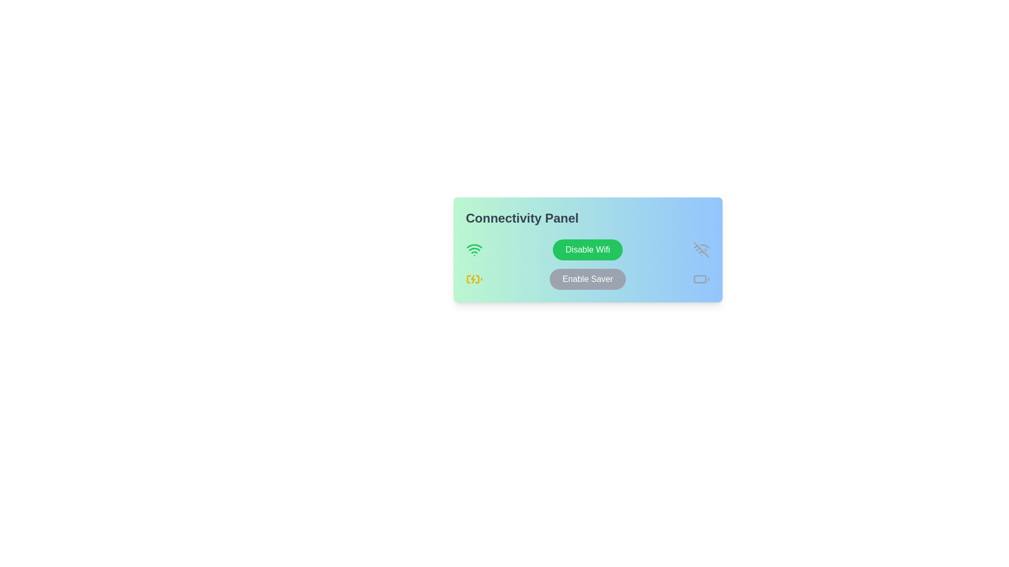 This screenshot has height=567, width=1009. I want to click on the 'Enable Saver Mode' button located in the 'Connectivity Panel' near the center-bottom, below the 'Disable Wifi' button for keyboard accessibility, so click(587, 279).